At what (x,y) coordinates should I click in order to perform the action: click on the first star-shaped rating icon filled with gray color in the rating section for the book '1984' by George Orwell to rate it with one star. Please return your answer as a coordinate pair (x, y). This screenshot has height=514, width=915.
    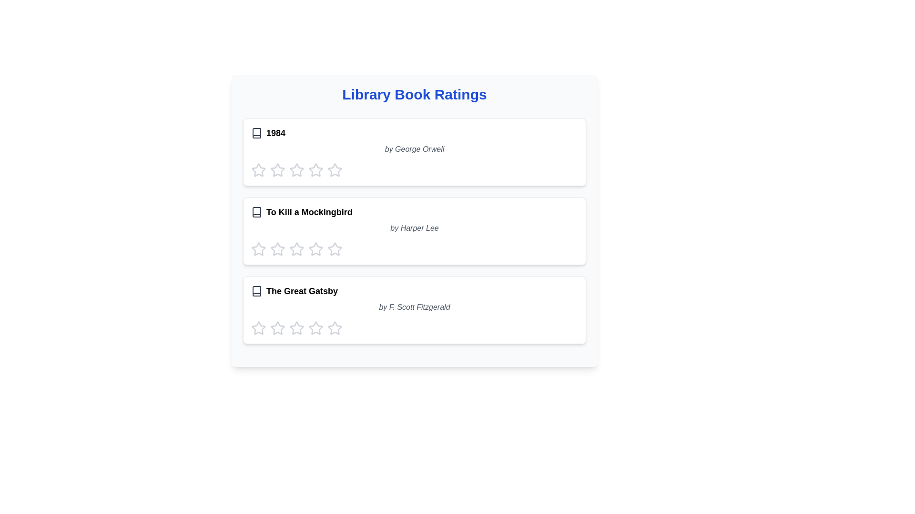
    Looking at the image, I should click on (277, 169).